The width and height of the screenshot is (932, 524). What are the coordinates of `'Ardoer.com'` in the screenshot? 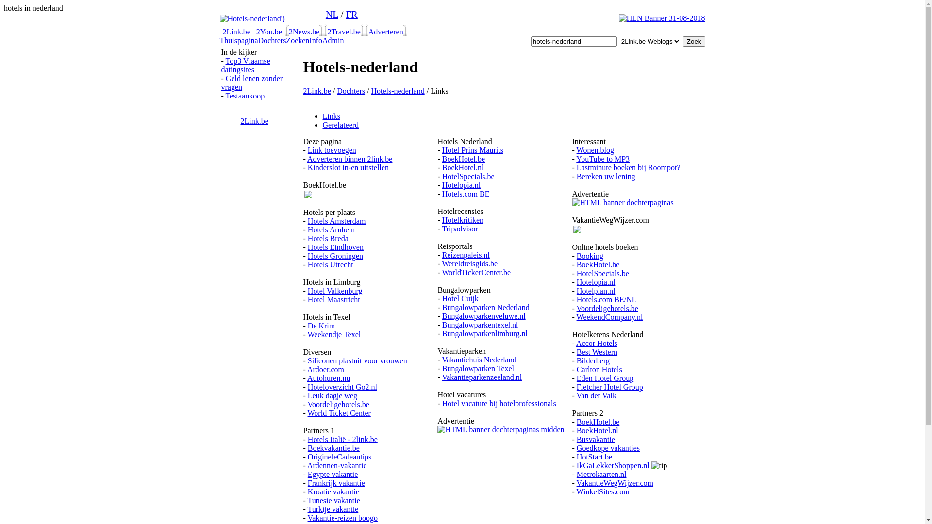 It's located at (326, 369).